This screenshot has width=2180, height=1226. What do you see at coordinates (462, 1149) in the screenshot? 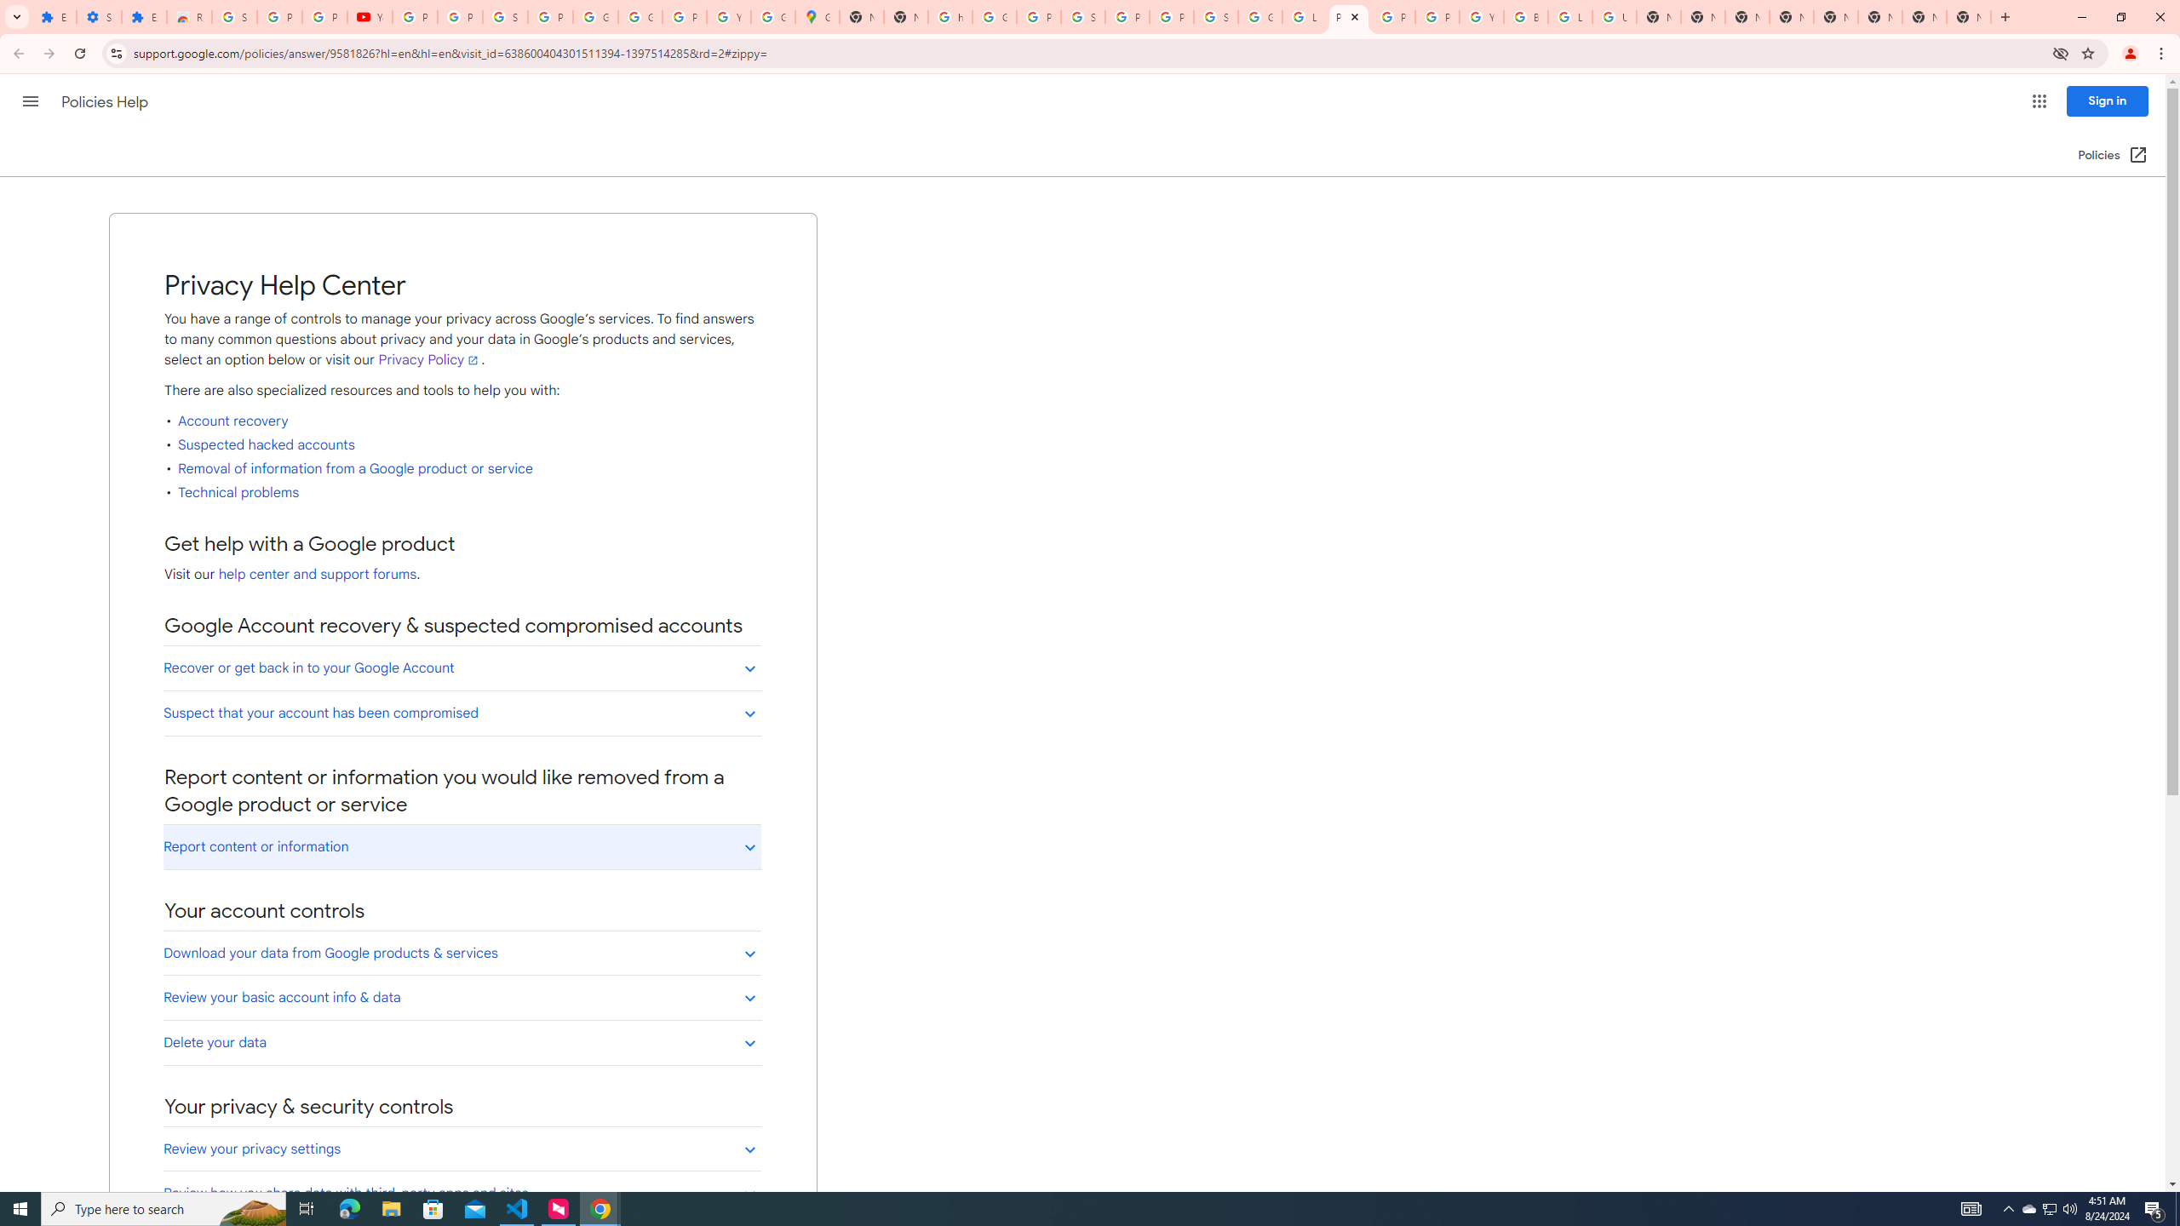
I see `'Review your privacy settings'` at bounding box center [462, 1149].